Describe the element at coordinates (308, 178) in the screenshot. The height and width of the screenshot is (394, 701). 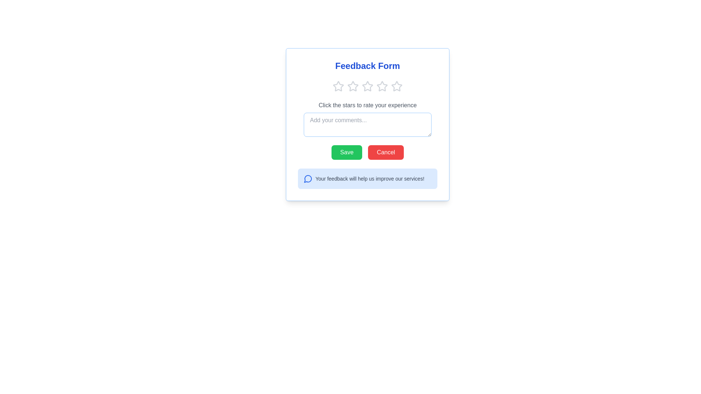
I see `the messaging icon located to the left of the text 'Your feedback will help us improve our services!' in the feedback section` at that location.